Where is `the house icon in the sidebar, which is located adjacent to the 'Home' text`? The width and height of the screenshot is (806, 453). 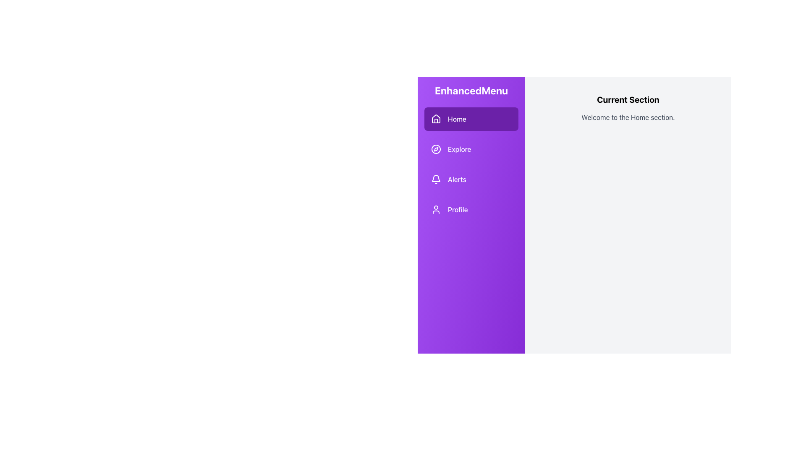
the house icon in the sidebar, which is located adjacent to the 'Home' text is located at coordinates (436, 119).